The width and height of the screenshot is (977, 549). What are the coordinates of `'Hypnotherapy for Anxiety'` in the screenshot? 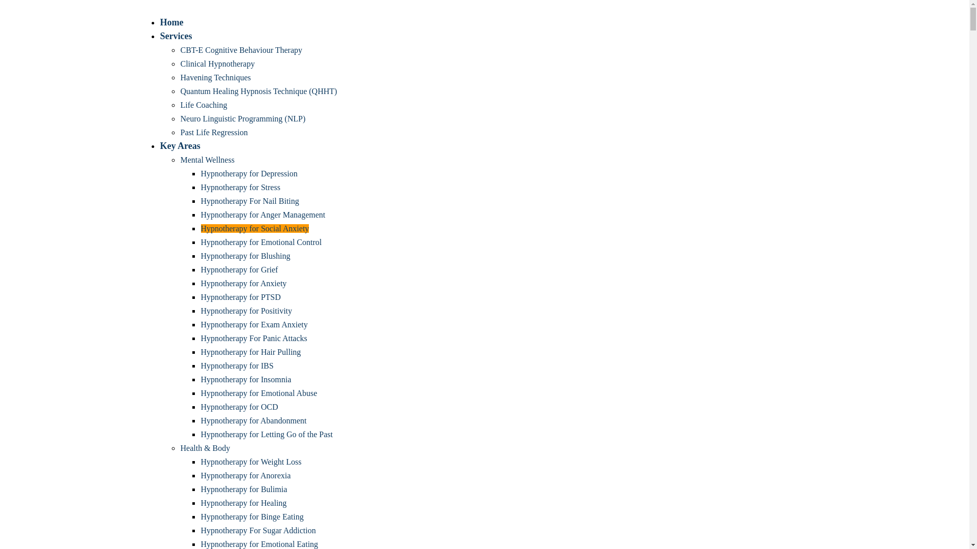 It's located at (243, 283).